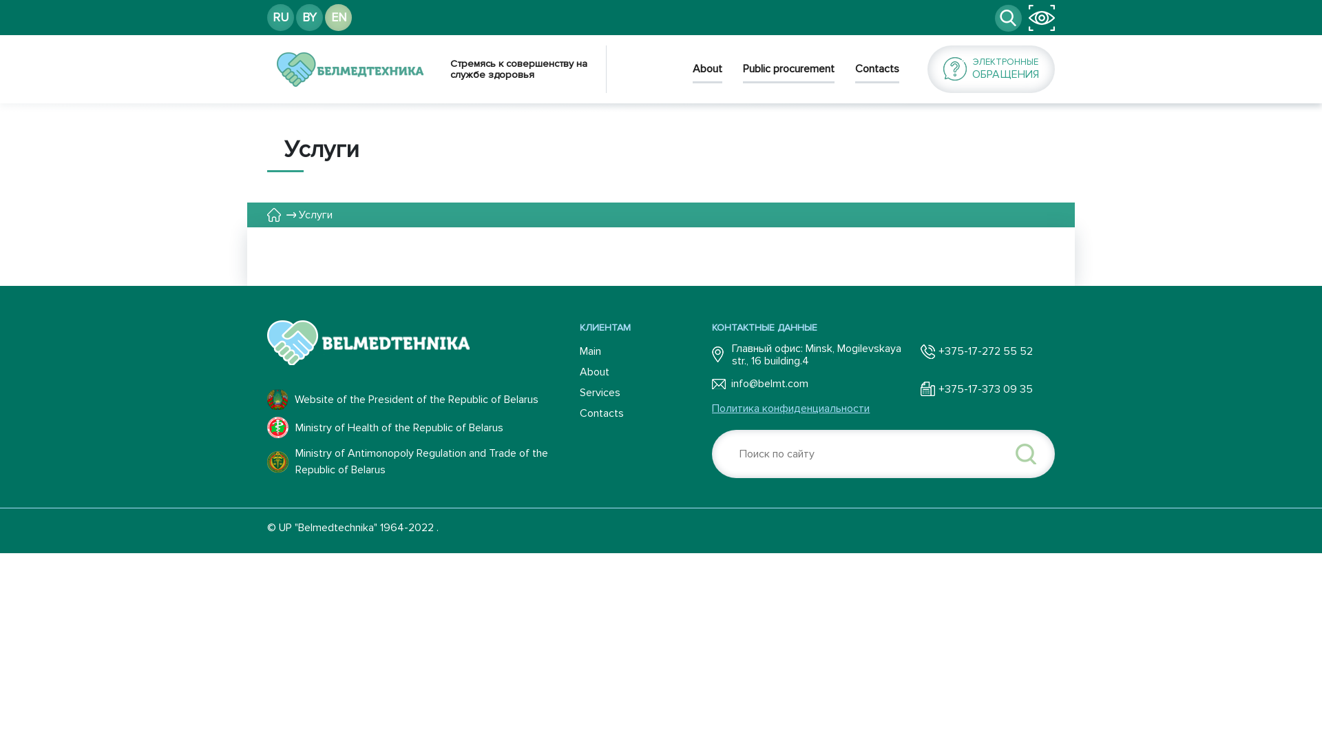 The width and height of the screenshot is (1322, 744). Describe the element at coordinates (644, 350) in the screenshot. I see `'Main'` at that location.